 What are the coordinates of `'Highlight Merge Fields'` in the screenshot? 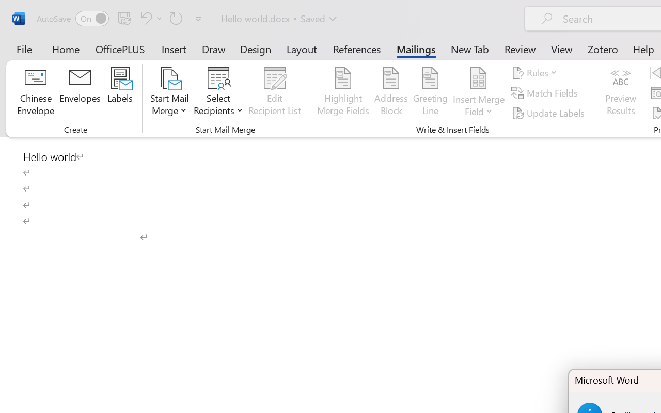 It's located at (343, 92).